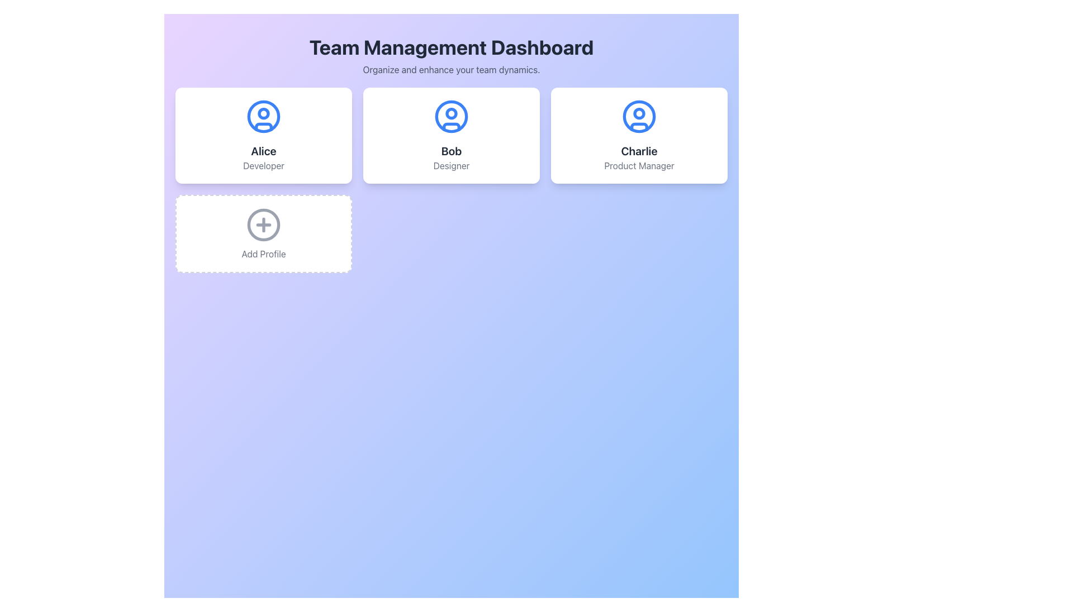 The width and height of the screenshot is (1073, 603). Describe the element at coordinates (451, 69) in the screenshot. I see `the text label displaying 'Organize and enhance your team dynamics.' which is located below the main heading 'Team Management Dashboard.'` at that location.